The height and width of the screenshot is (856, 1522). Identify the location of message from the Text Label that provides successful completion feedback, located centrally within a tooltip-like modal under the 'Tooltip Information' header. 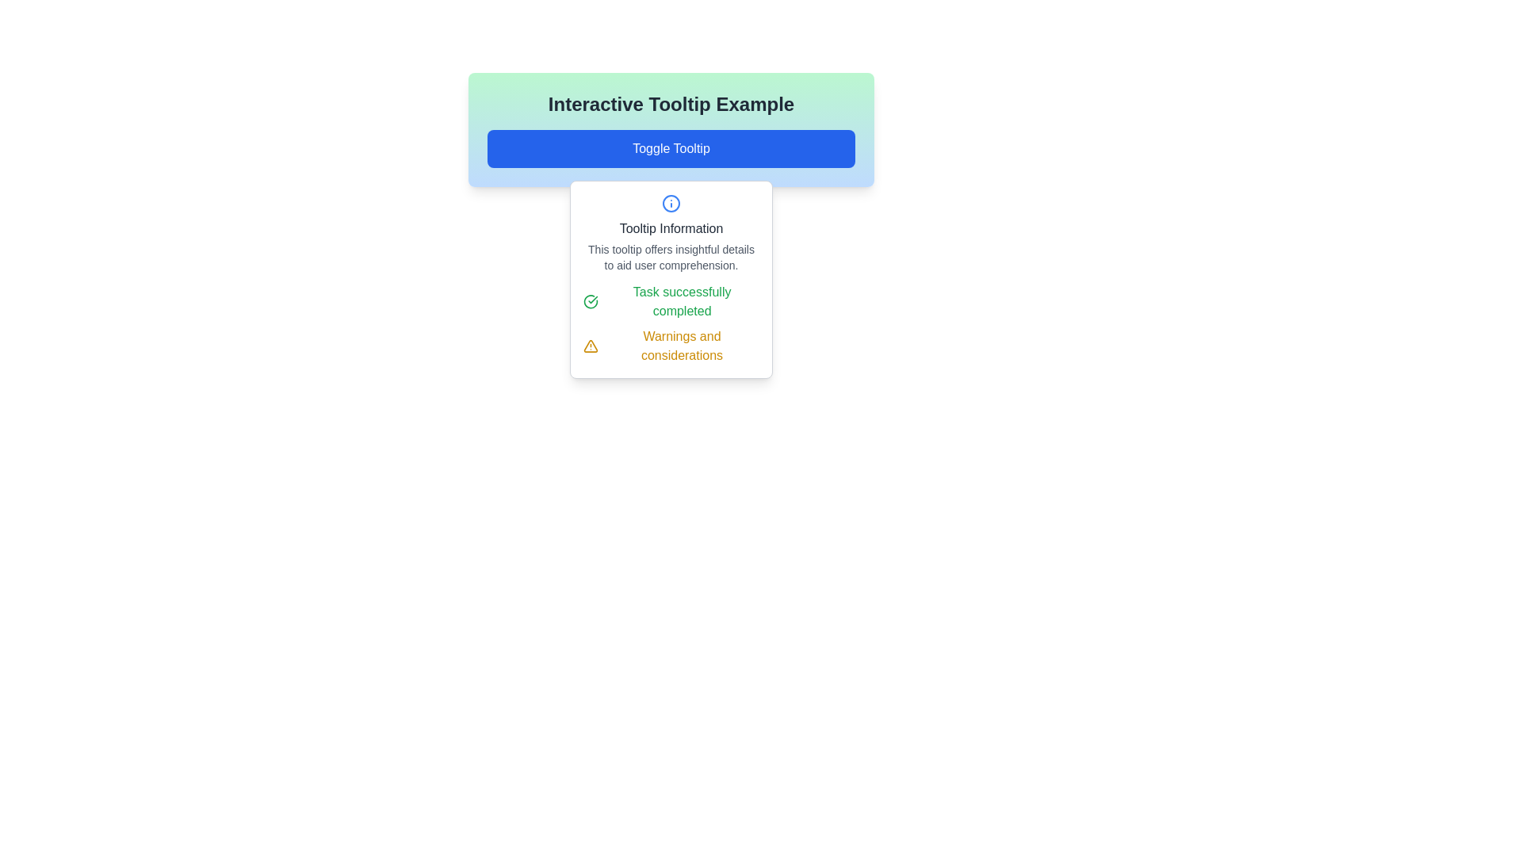
(682, 302).